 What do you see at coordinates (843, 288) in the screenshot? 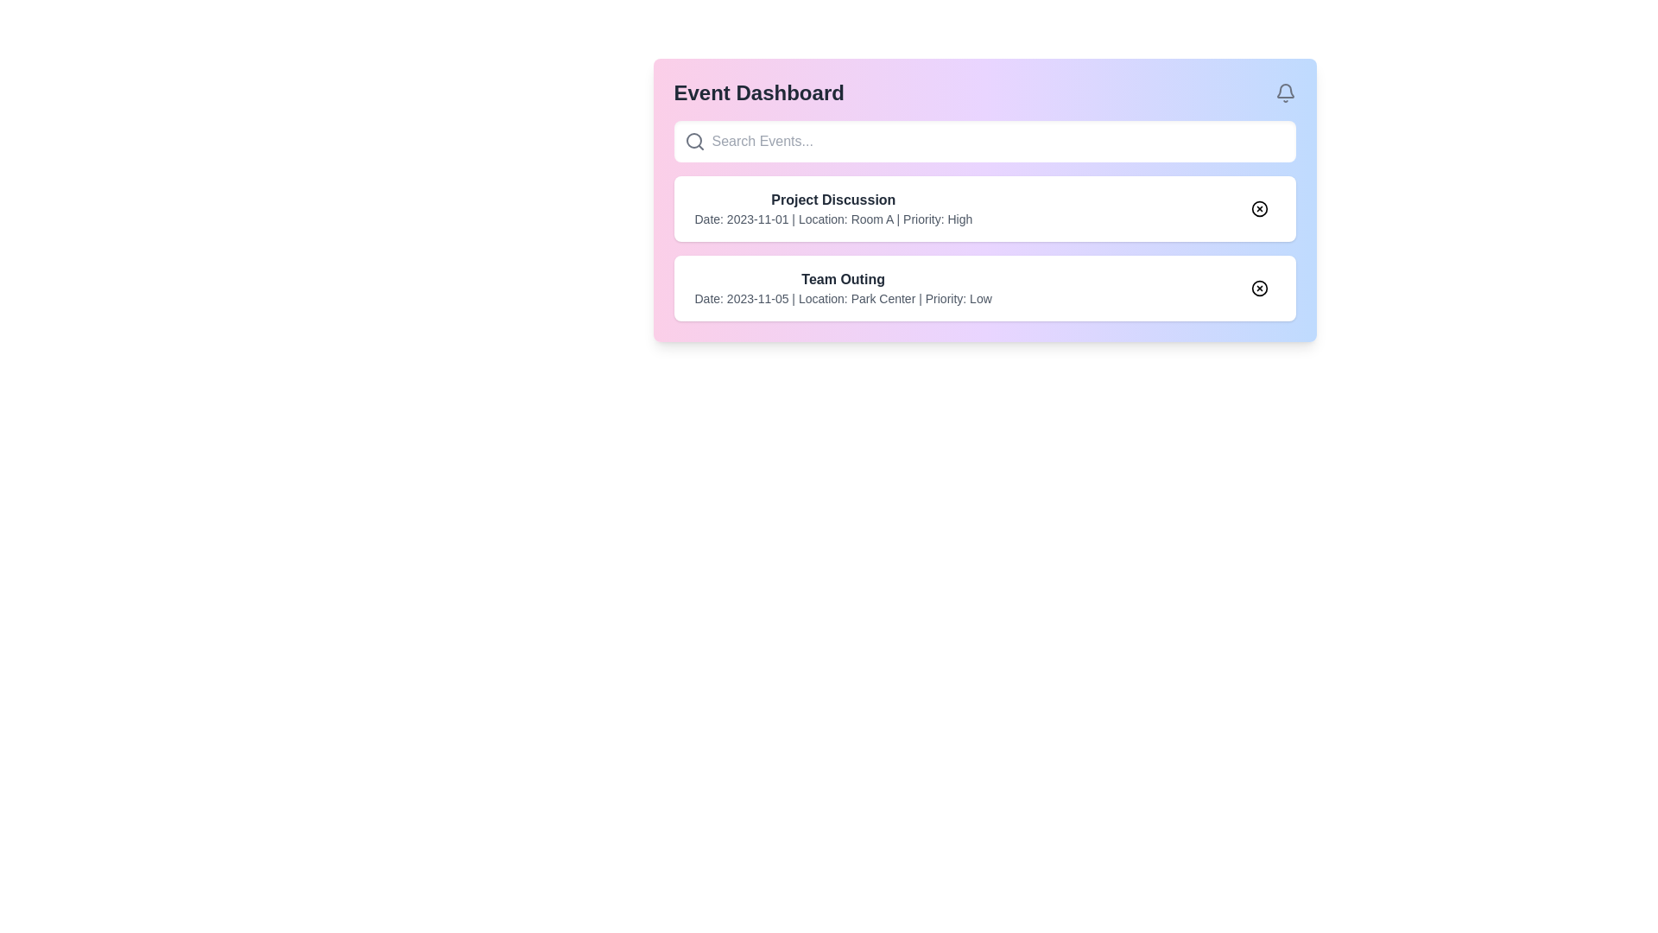
I see `the textual informational content block displaying the event overview titled 'Team Outing', which is the second entry in the event list under 'Event Dashboard'` at bounding box center [843, 288].